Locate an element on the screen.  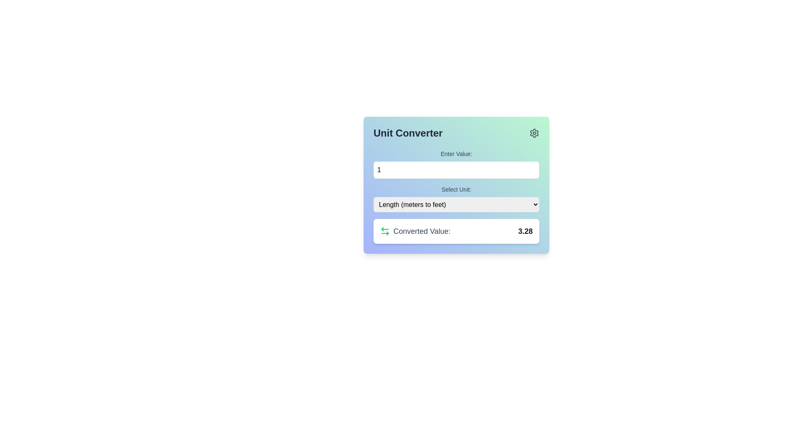
the text label displaying the numerical value '3.28', which is bold and dark, located in the bottom-right corner of the card layout, following the label 'Converted Value:' and aligned horizontally to its right is located at coordinates (525, 231).